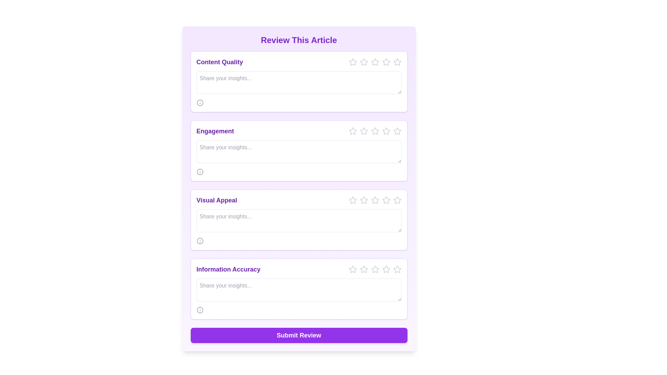  What do you see at coordinates (216, 200) in the screenshot?
I see `the purple text label reading 'Visual Appeal', which is styled in bold and slightly larger font, located near the top of a white panel in the third grouping of rating sections` at bounding box center [216, 200].